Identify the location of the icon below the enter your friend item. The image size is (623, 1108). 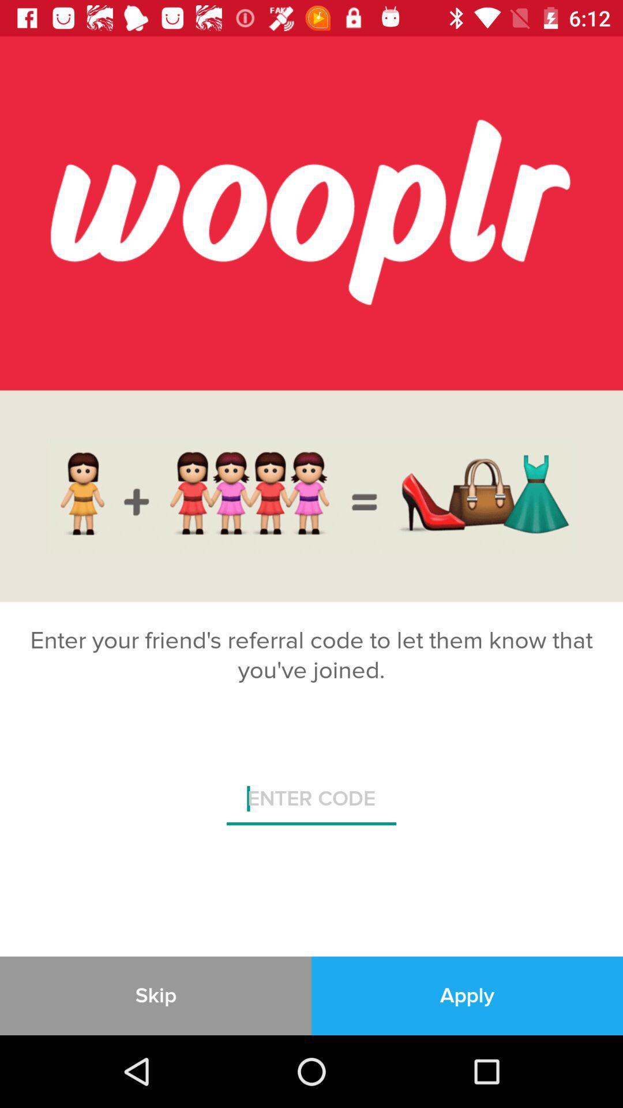
(311, 803).